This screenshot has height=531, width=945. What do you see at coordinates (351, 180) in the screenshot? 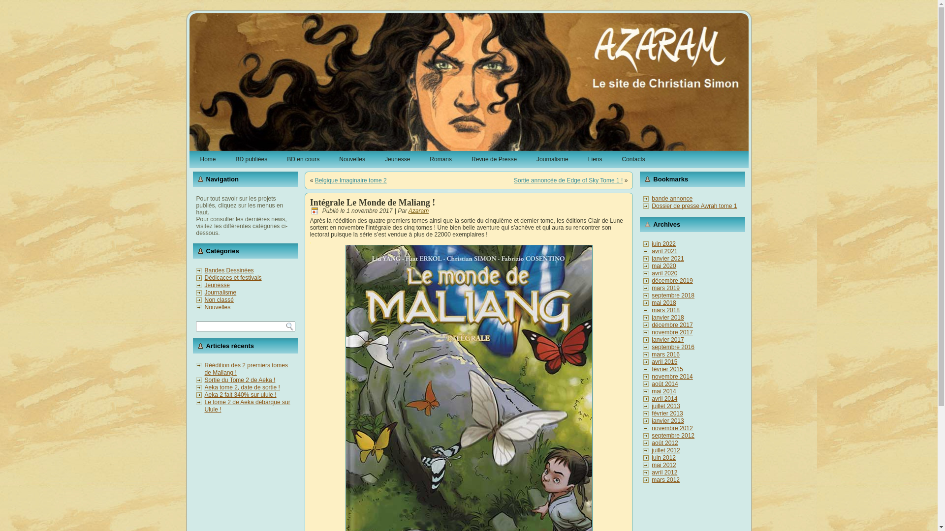
I see `'Belgique Imaginaire tome 2'` at bounding box center [351, 180].